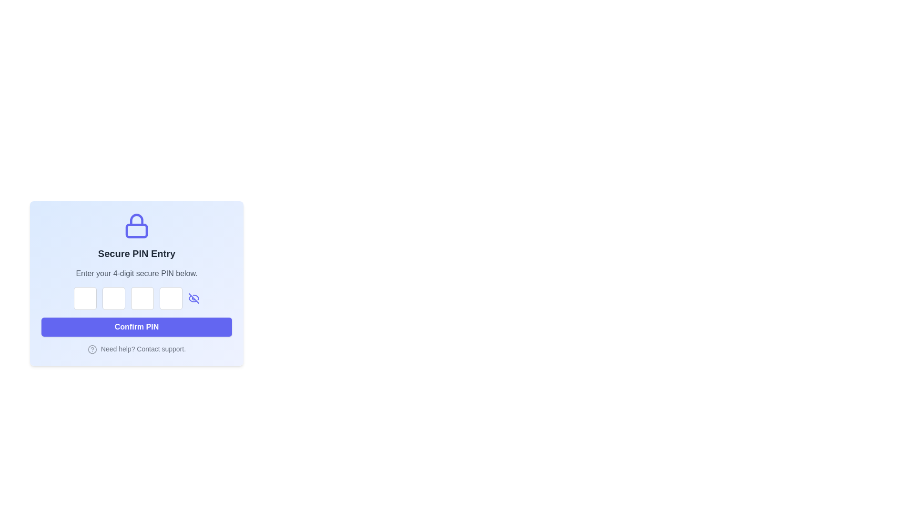  What do you see at coordinates (136, 327) in the screenshot?
I see `the 'Confirm PIN' button, which is a rectangular button with rounded corners, a vibrant indigo background, and bold white text, located centrally within the secure PIN entry card` at bounding box center [136, 327].